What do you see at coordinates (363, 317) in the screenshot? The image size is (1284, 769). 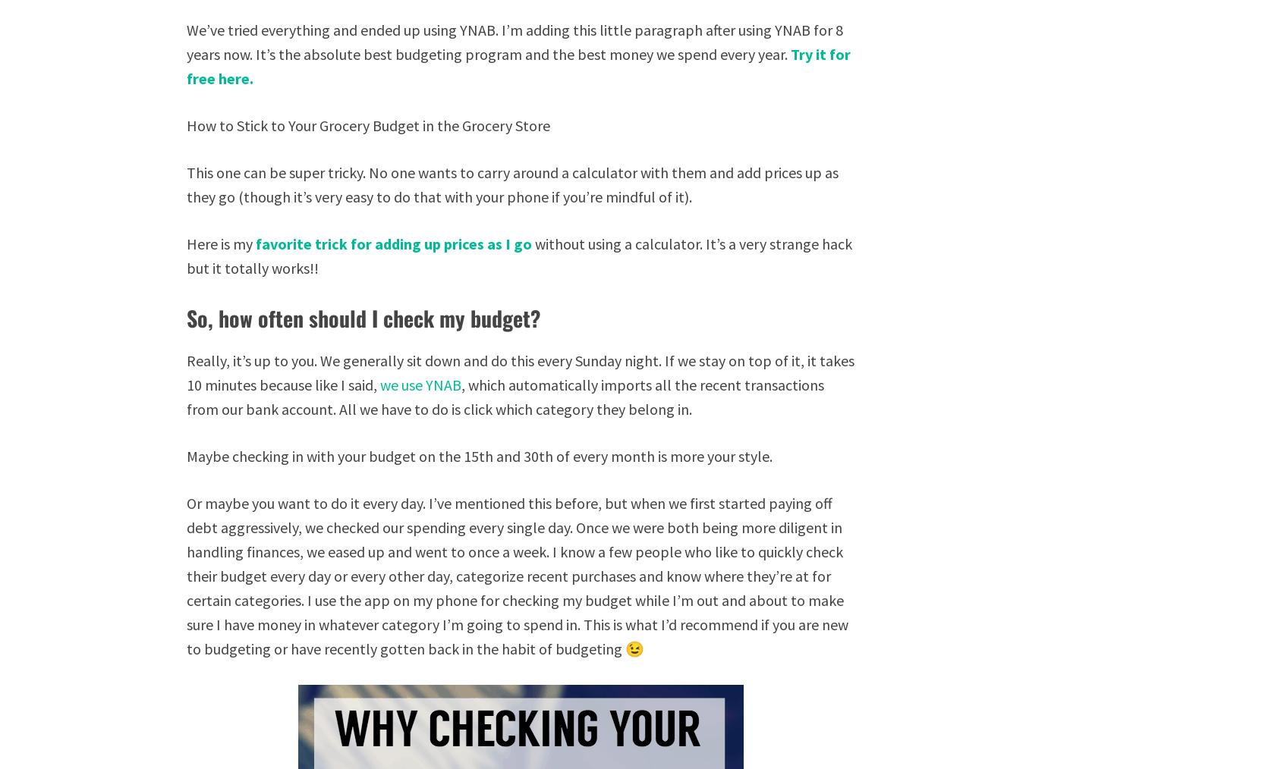 I see `'So, how often should I check my budget?'` at bounding box center [363, 317].